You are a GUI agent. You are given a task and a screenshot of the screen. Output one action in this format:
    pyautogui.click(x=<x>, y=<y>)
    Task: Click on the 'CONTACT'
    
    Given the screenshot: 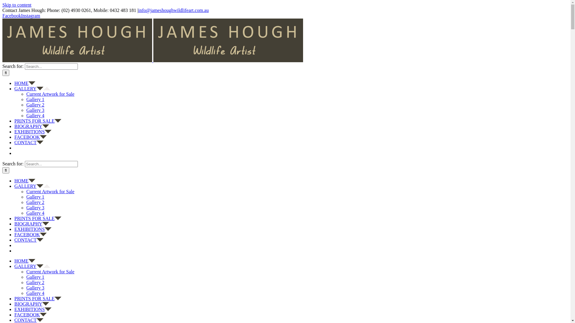 What is the action you would take?
    pyautogui.click(x=14, y=320)
    